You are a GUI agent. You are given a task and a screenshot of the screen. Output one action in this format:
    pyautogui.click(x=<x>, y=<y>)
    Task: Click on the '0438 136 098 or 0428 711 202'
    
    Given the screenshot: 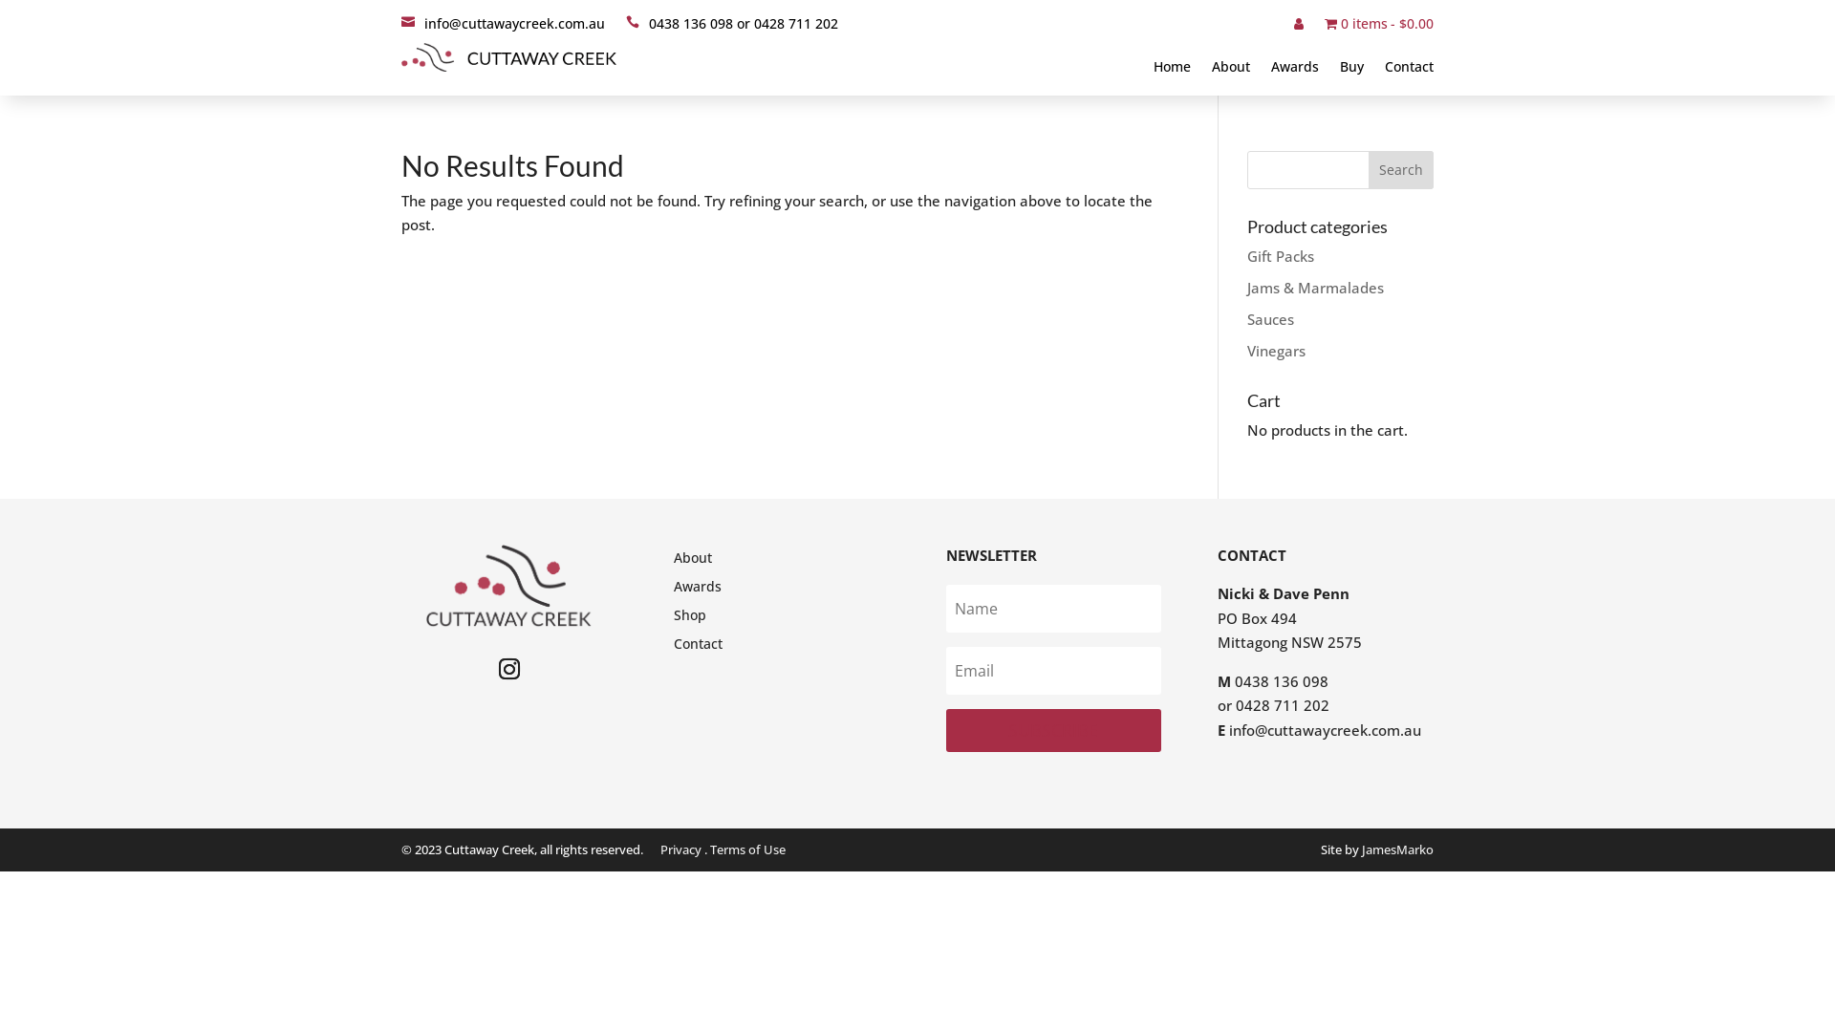 What is the action you would take?
    pyautogui.click(x=731, y=28)
    